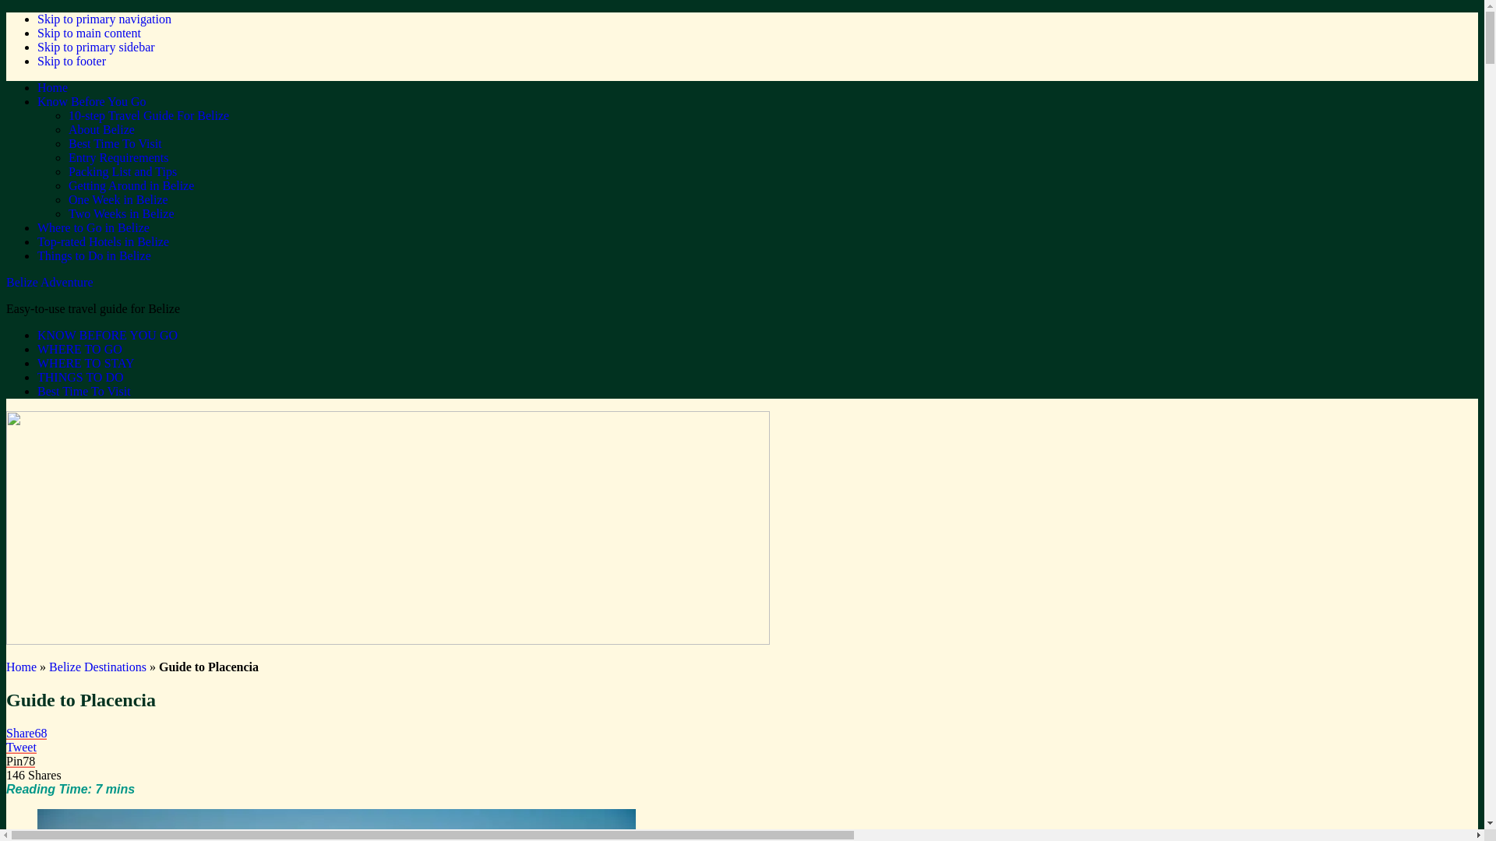 Image resolution: width=1496 pixels, height=841 pixels. What do you see at coordinates (118, 157) in the screenshot?
I see `'Entry Requirements'` at bounding box center [118, 157].